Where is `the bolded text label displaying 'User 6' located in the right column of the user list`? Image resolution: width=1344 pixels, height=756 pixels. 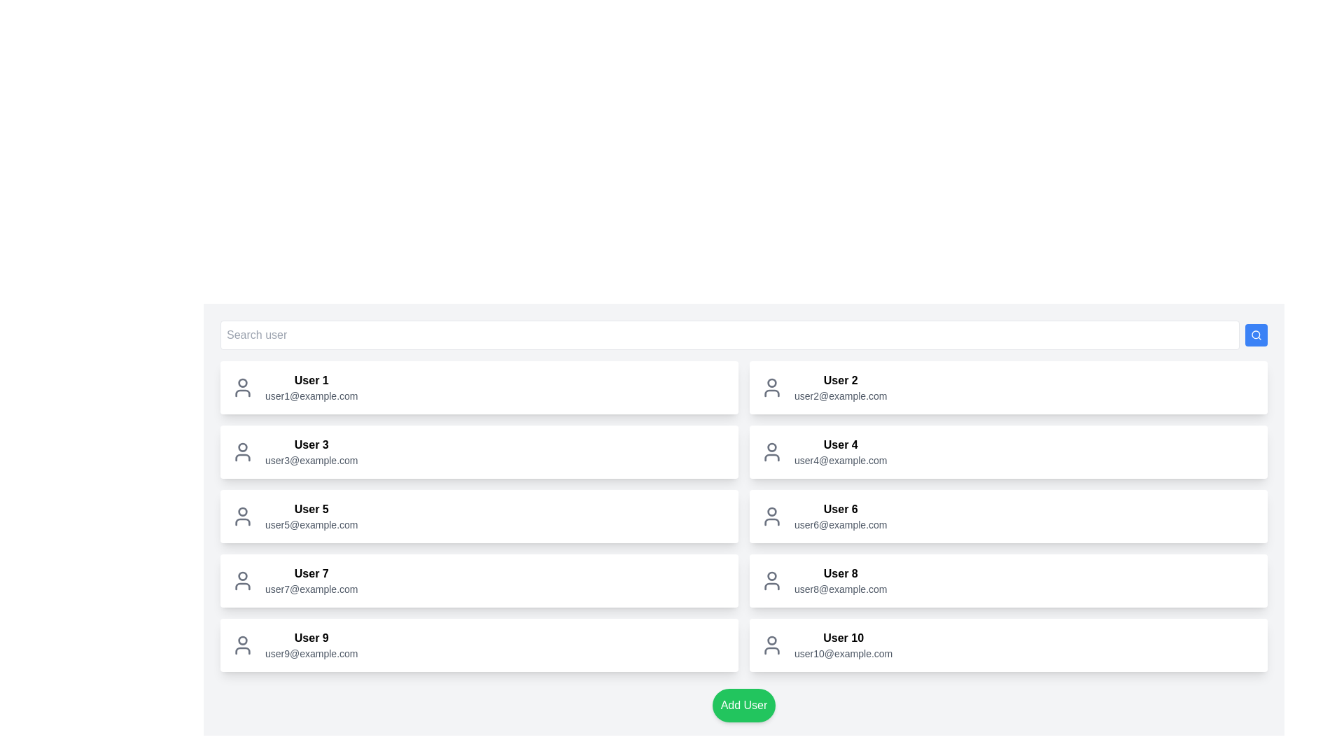
the bolded text label displaying 'User 6' located in the right column of the user list is located at coordinates (840, 510).